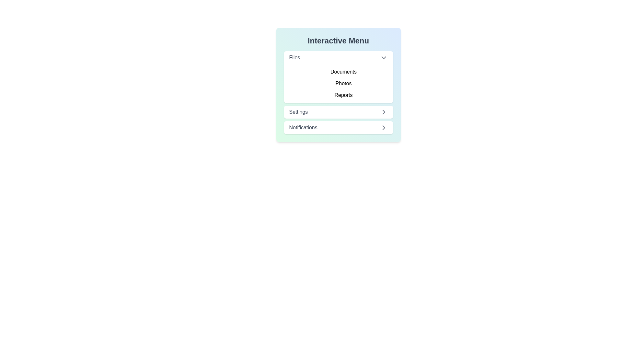  I want to click on the small gray downward-facing chevron icon located at the top-right of the 'Files' button in the interactive menu panel, so click(384, 57).